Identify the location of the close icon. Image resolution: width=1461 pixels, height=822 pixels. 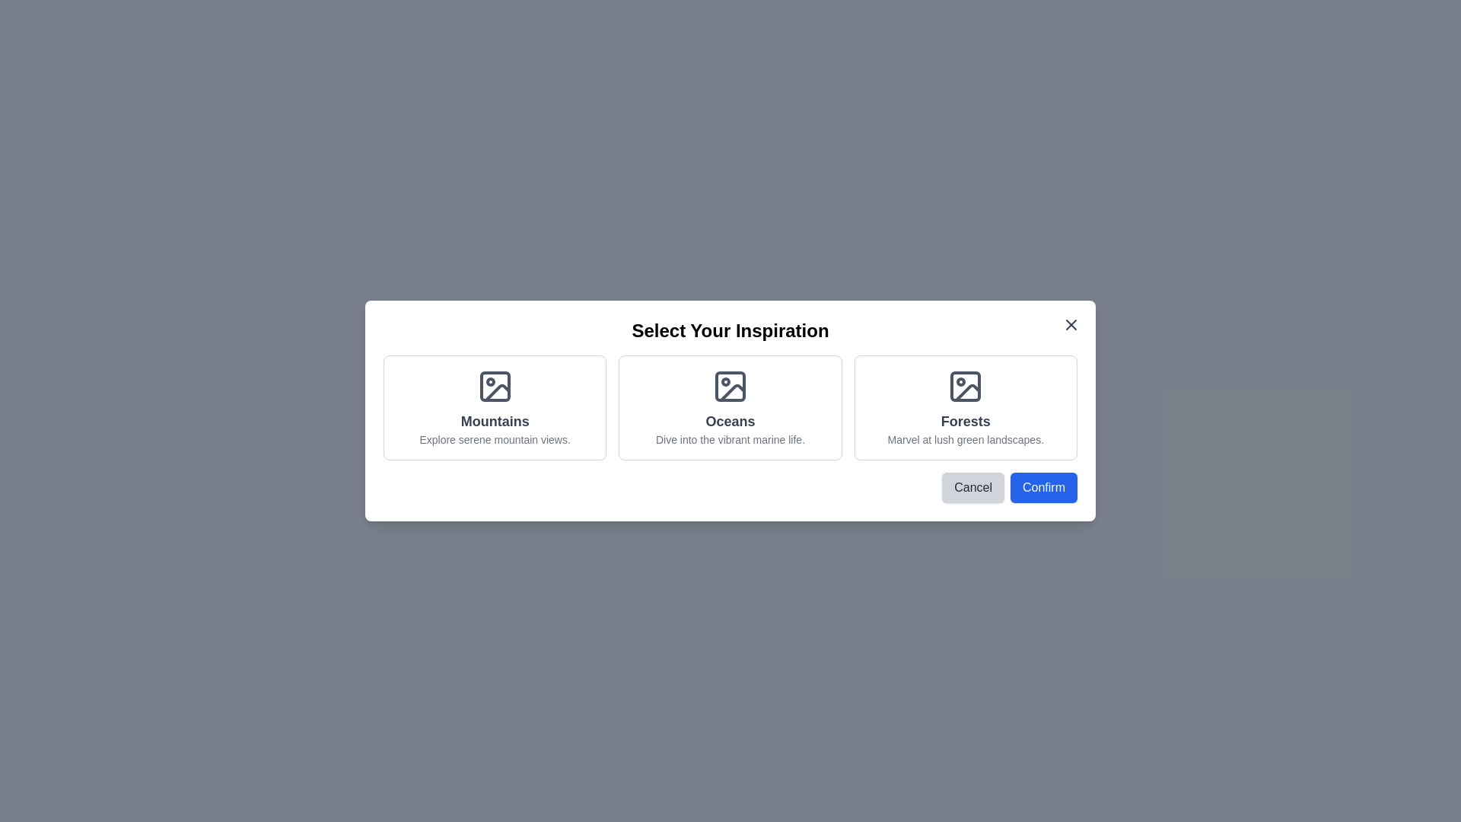
(1070, 324).